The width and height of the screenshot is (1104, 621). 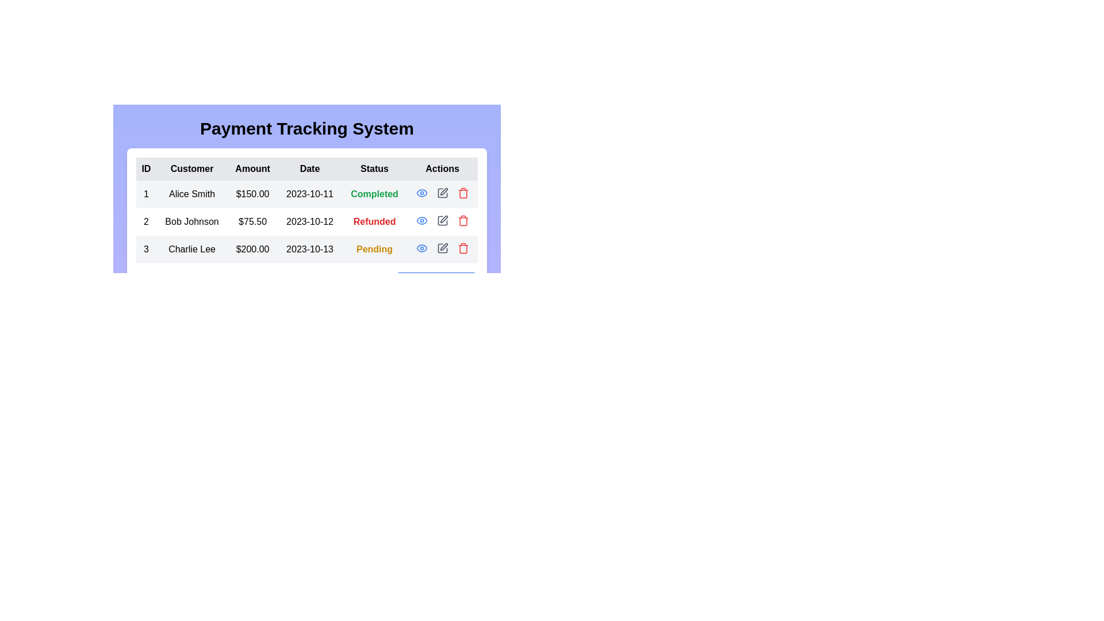 What do you see at coordinates (435, 283) in the screenshot?
I see `the blue 'Add Payment' button located in the bottom-right corner below the 'Payment Tracking System' table` at bounding box center [435, 283].